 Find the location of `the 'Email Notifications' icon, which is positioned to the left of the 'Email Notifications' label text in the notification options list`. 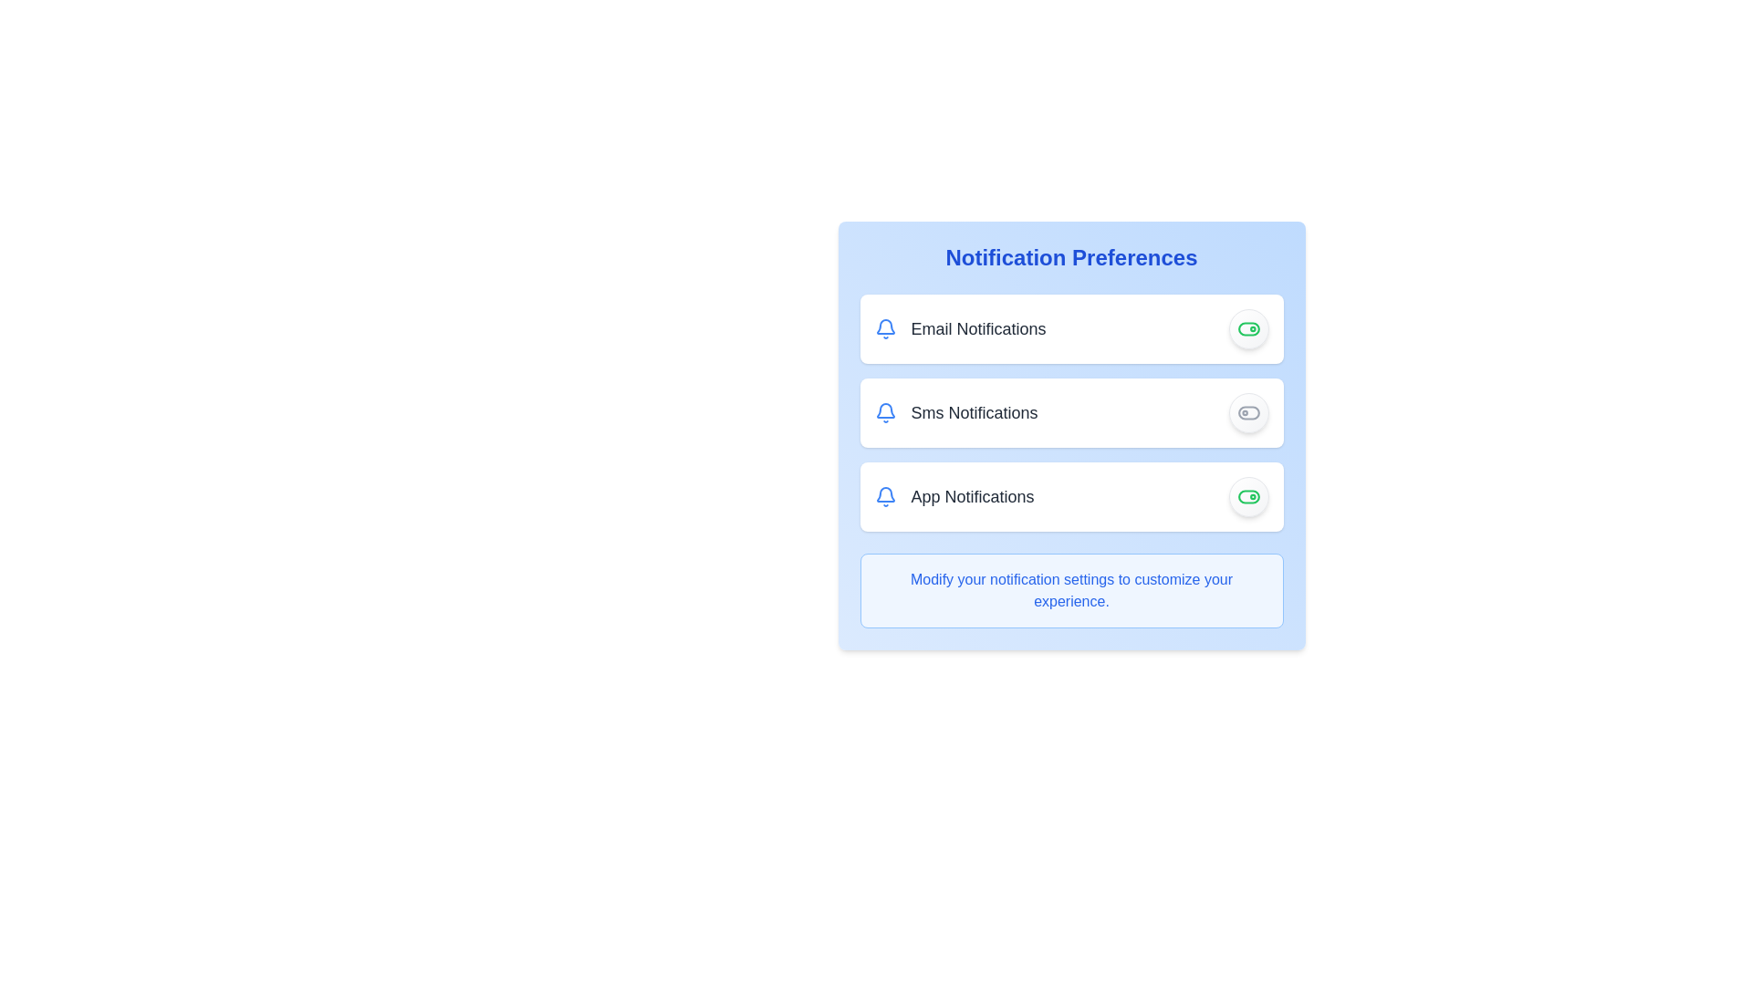

the 'Email Notifications' icon, which is positioned to the left of the 'Email Notifications' label text in the notification options list is located at coordinates (885, 329).